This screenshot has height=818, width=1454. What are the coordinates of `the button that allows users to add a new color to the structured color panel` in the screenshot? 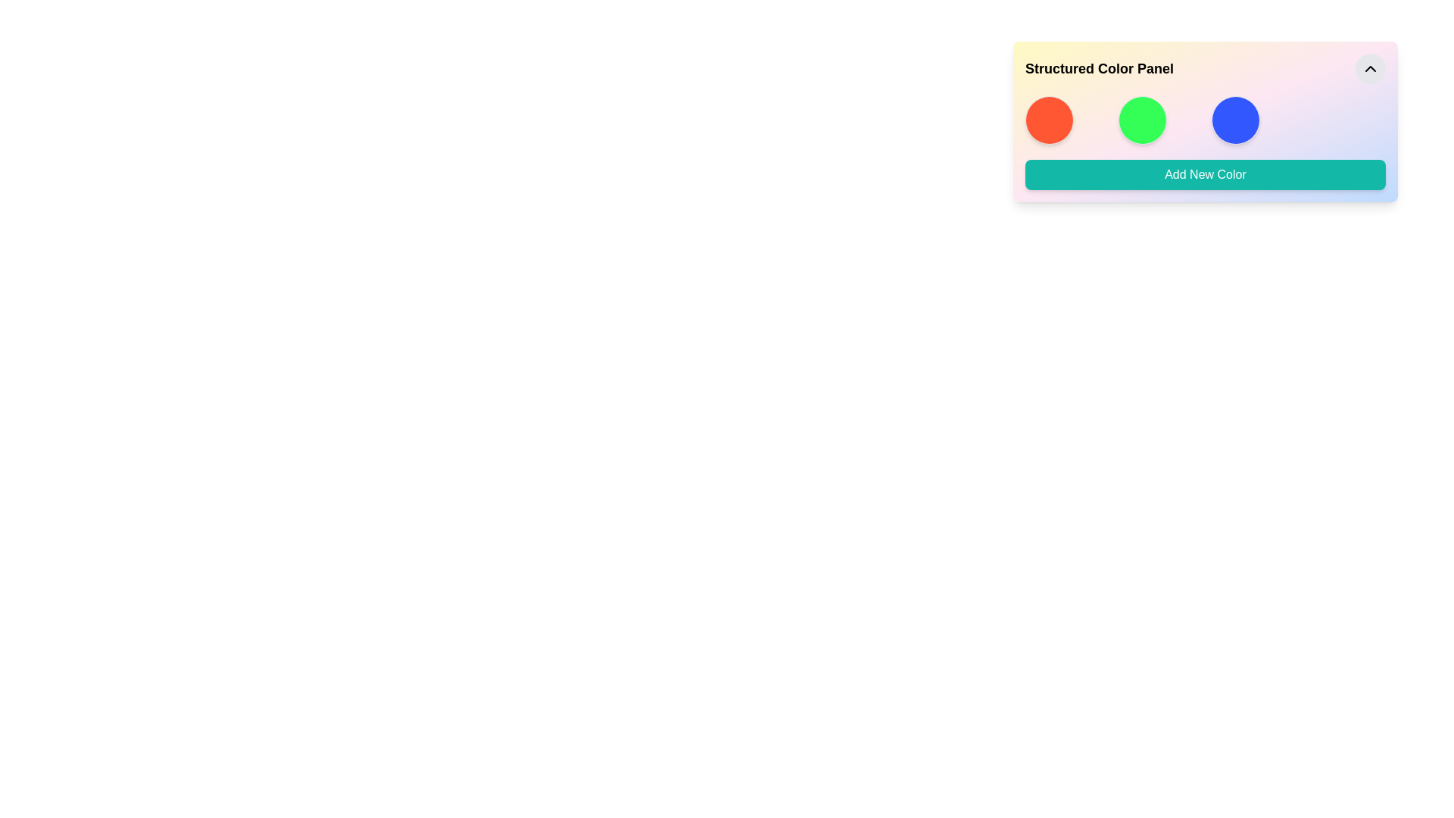 It's located at (1205, 174).